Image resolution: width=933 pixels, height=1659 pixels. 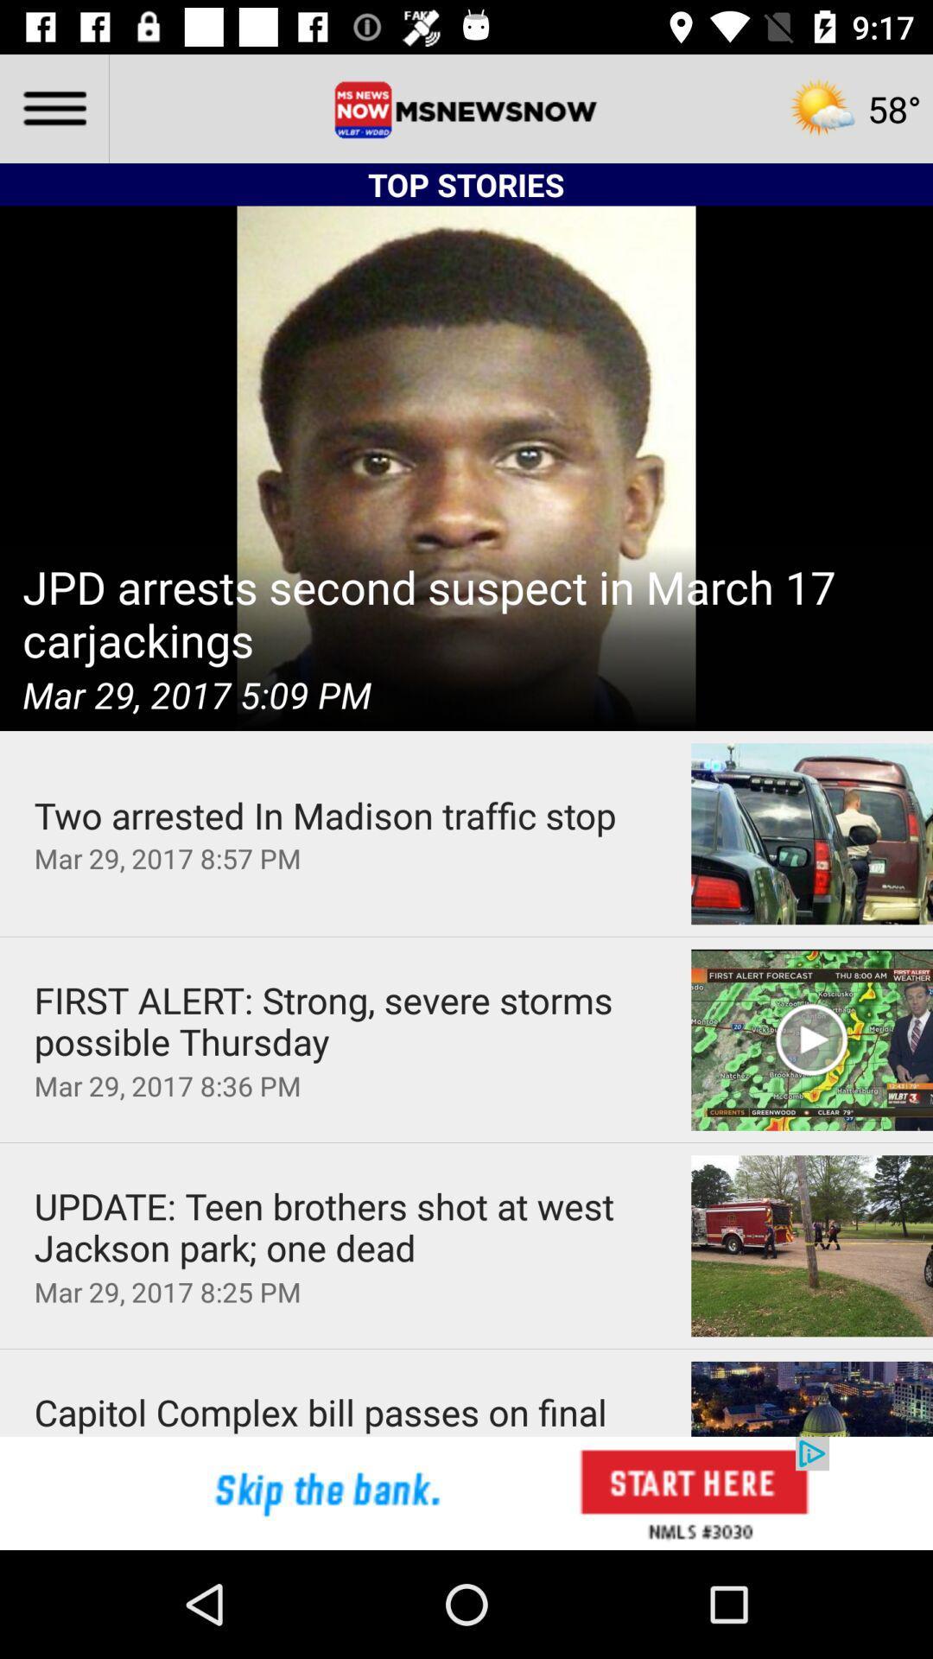 What do you see at coordinates (854, 107) in the screenshot?
I see `the weather image on the top right` at bounding box center [854, 107].